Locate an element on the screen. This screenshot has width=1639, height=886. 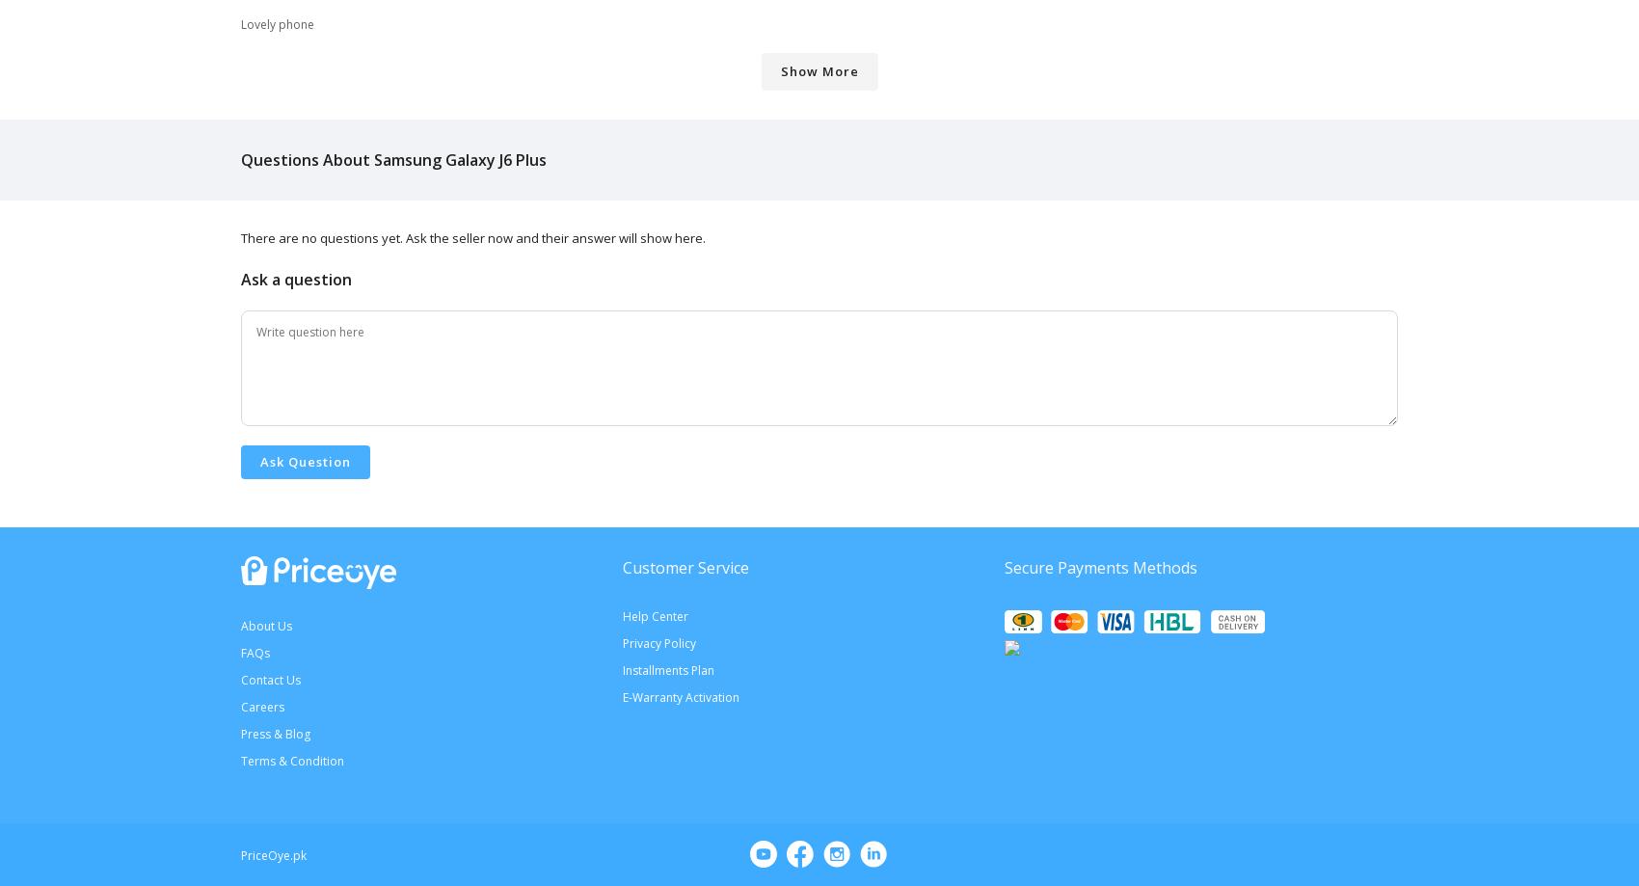
'About Us' is located at coordinates (266, 624).